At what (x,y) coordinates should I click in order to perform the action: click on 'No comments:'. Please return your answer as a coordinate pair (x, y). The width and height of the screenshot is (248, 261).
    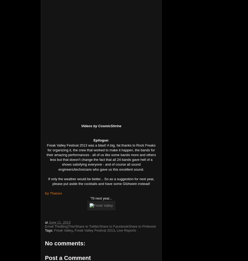
    Looking at the image, I should click on (44, 243).